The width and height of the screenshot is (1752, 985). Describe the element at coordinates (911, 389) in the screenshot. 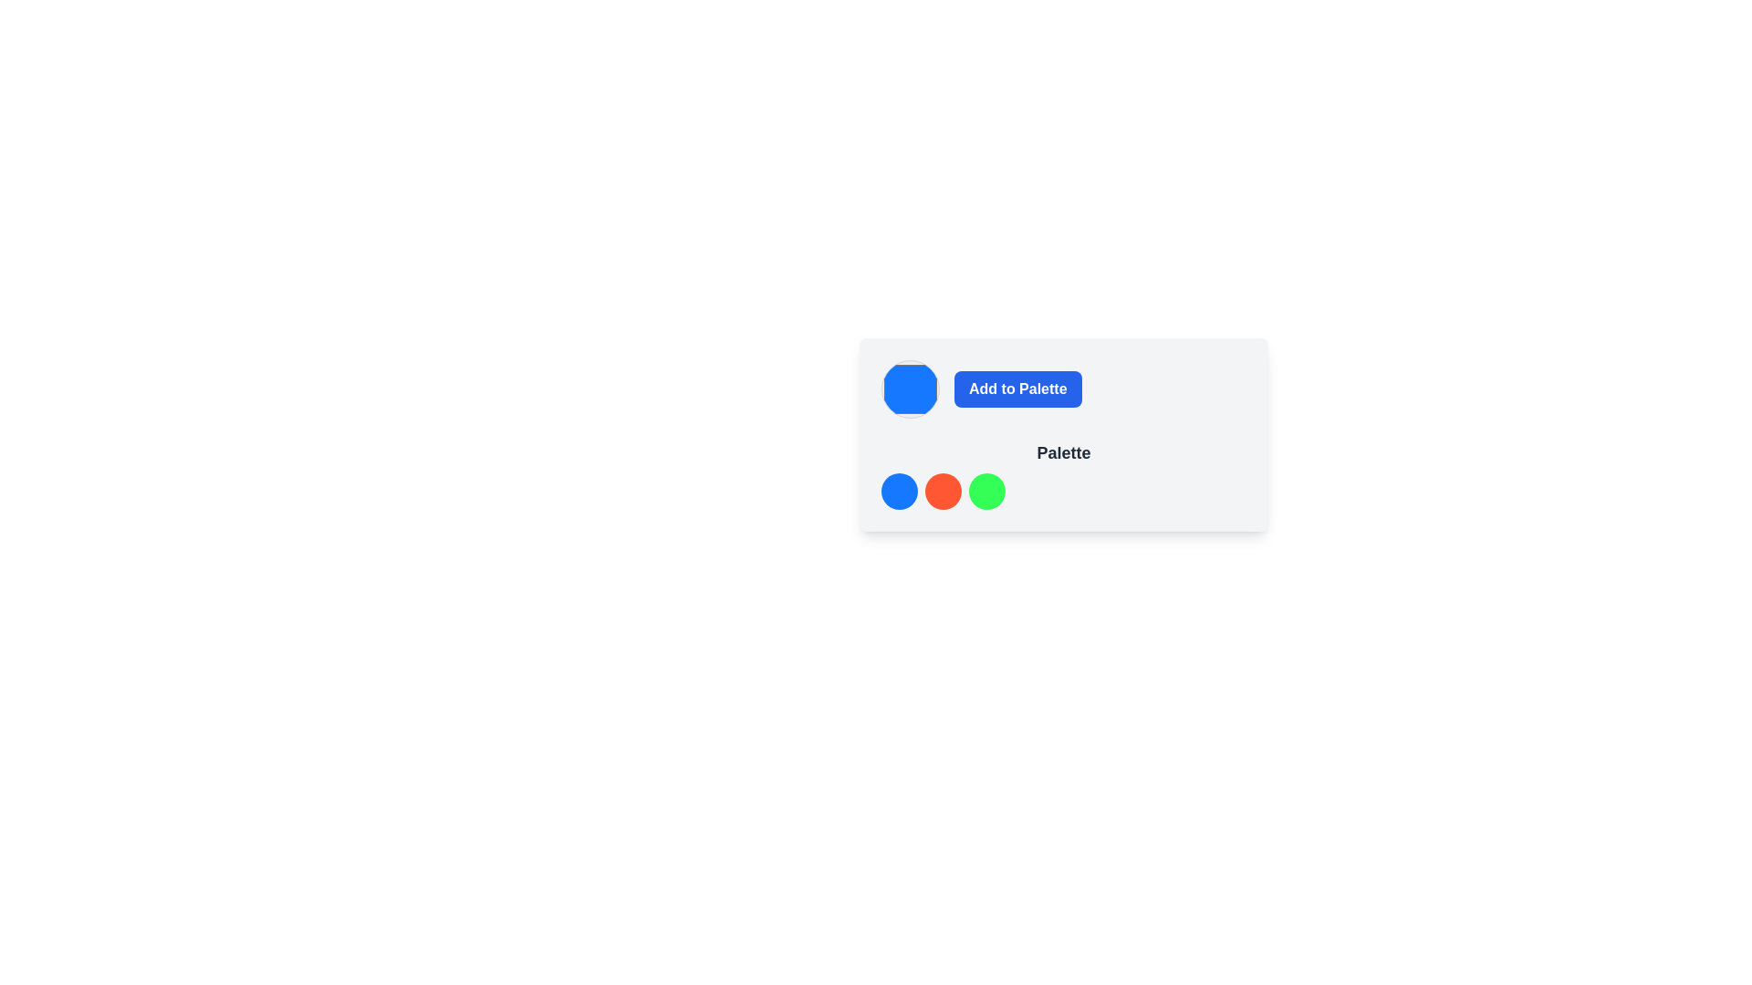

I see `the circular blue color selection button with a gray border located at the leftmost position in a horizontal group of buttons` at that location.